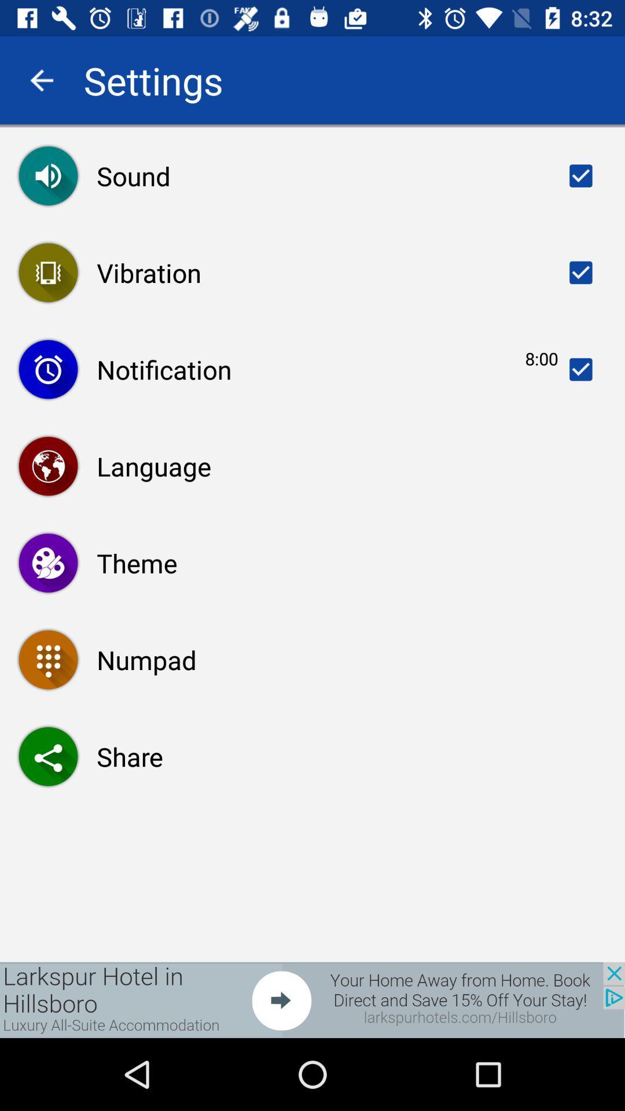 Image resolution: width=625 pixels, height=1111 pixels. What do you see at coordinates (580, 272) in the screenshot?
I see `vibration` at bounding box center [580, 272].